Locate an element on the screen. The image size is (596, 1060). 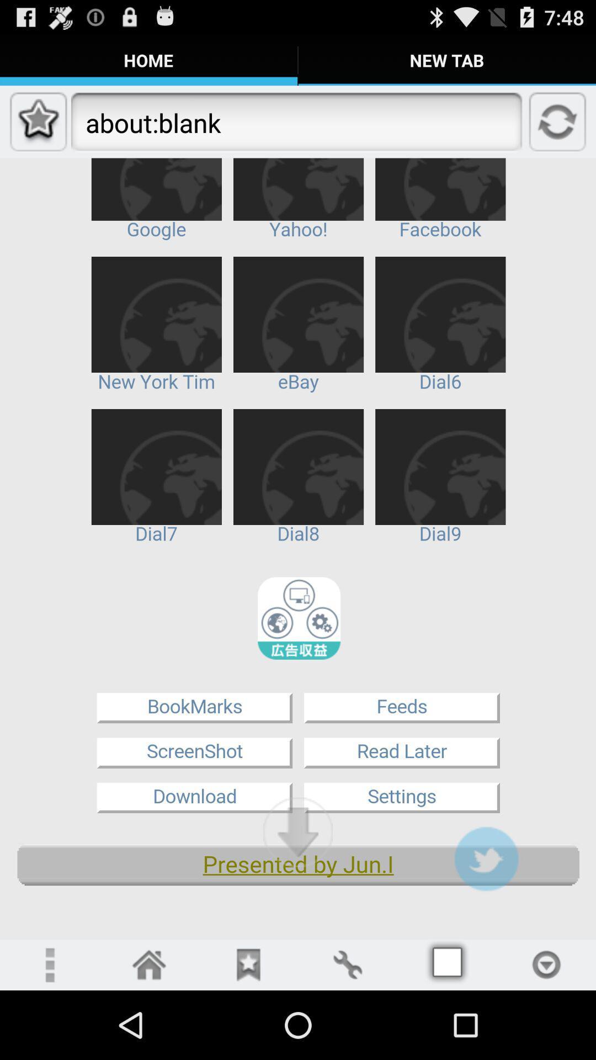
rive is located at coordinates (248, 964).